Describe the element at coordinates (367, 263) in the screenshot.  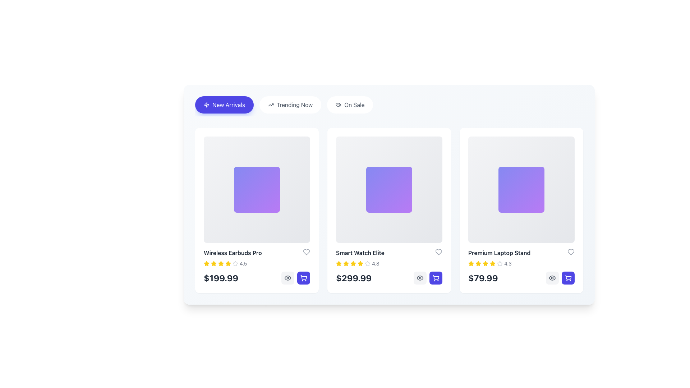
I see `the second star icon in the rating system for 'Smart Watch Elite', which signifies a rating level` at that location.